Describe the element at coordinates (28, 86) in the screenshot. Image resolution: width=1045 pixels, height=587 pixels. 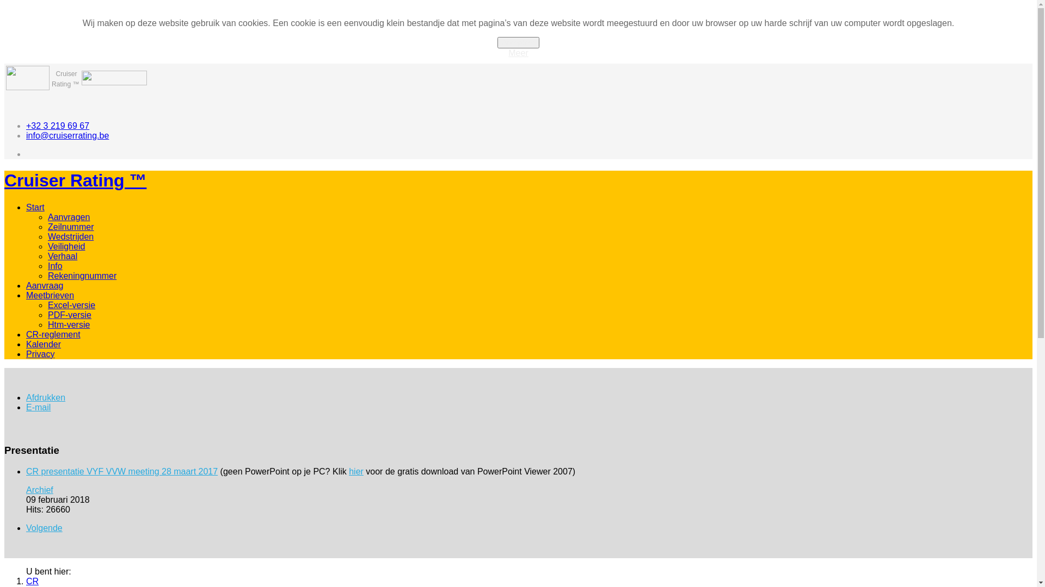
I see `'VVW-Recrea vzw'` at that location.